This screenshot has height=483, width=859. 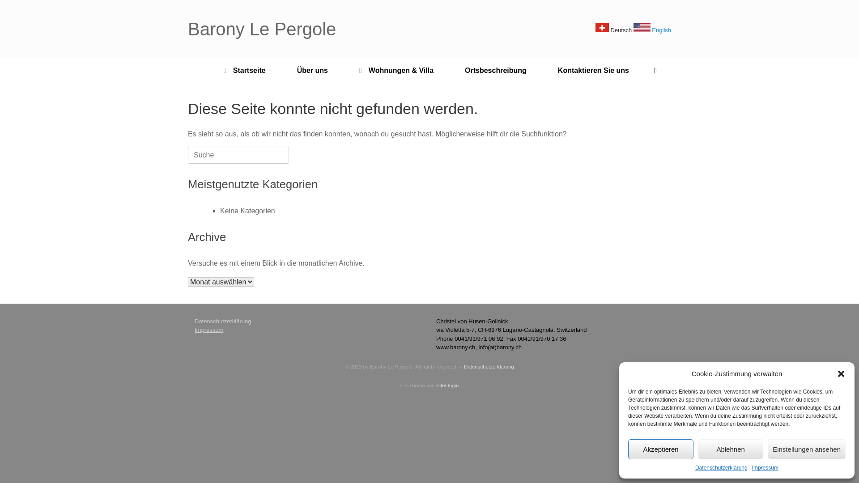 I want to click on 'Einstellungen ansehen', so click(x=807, y=449).